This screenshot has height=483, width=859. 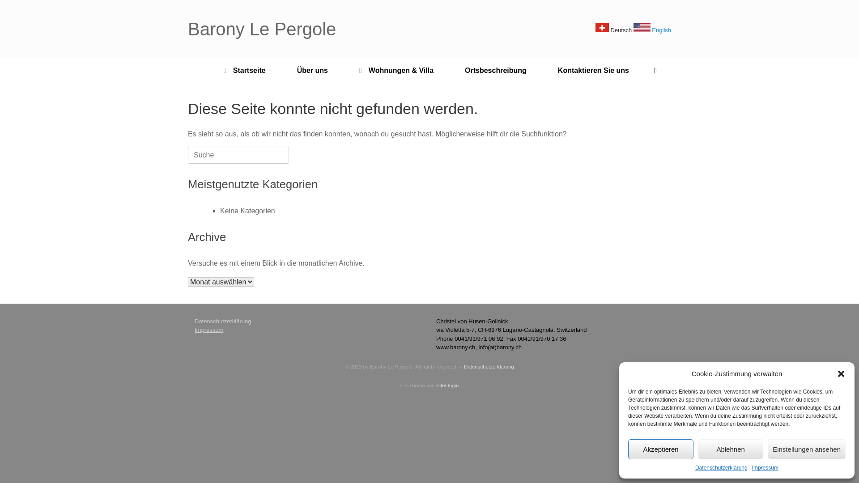 I want to click on 'Einstellungen ansehen', so click(x=807, y=449).